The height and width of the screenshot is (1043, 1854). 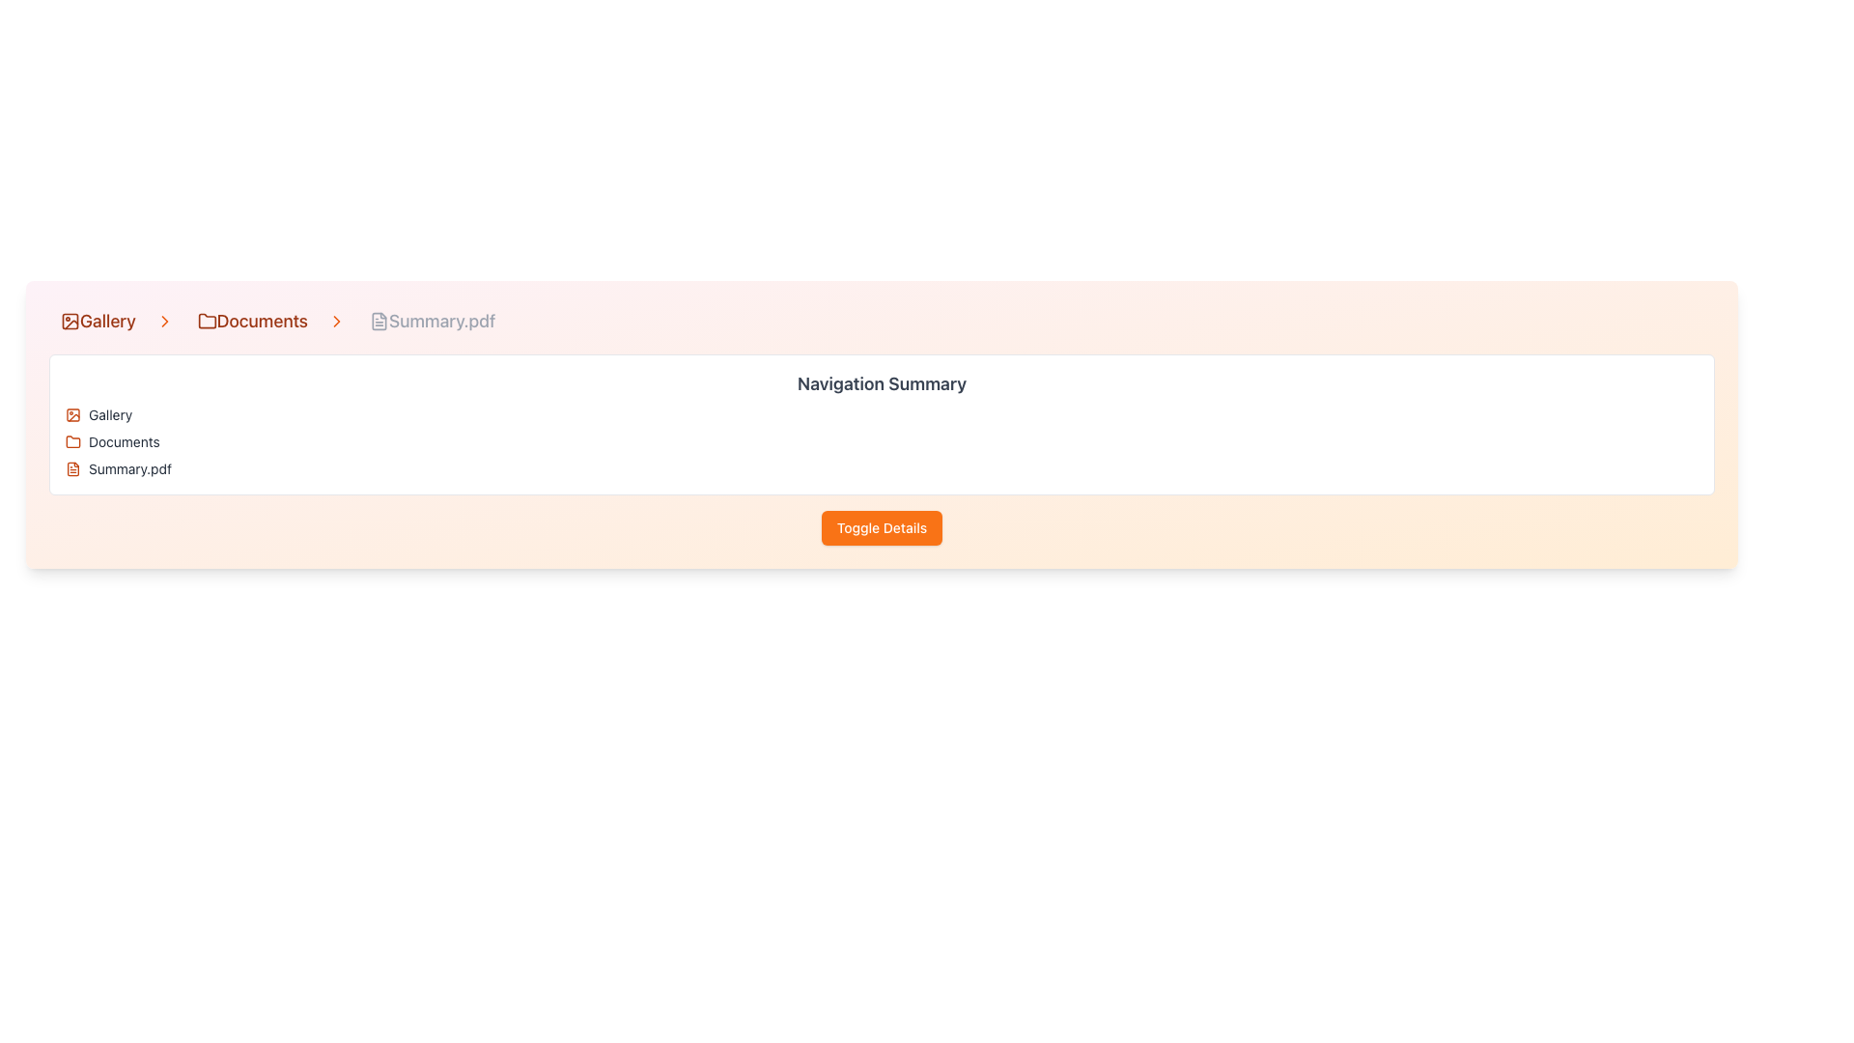 I want to click on text label displaying 'Gallery' located in the upper-left section of a vertically-oriented list, so click(x=109, y=413).